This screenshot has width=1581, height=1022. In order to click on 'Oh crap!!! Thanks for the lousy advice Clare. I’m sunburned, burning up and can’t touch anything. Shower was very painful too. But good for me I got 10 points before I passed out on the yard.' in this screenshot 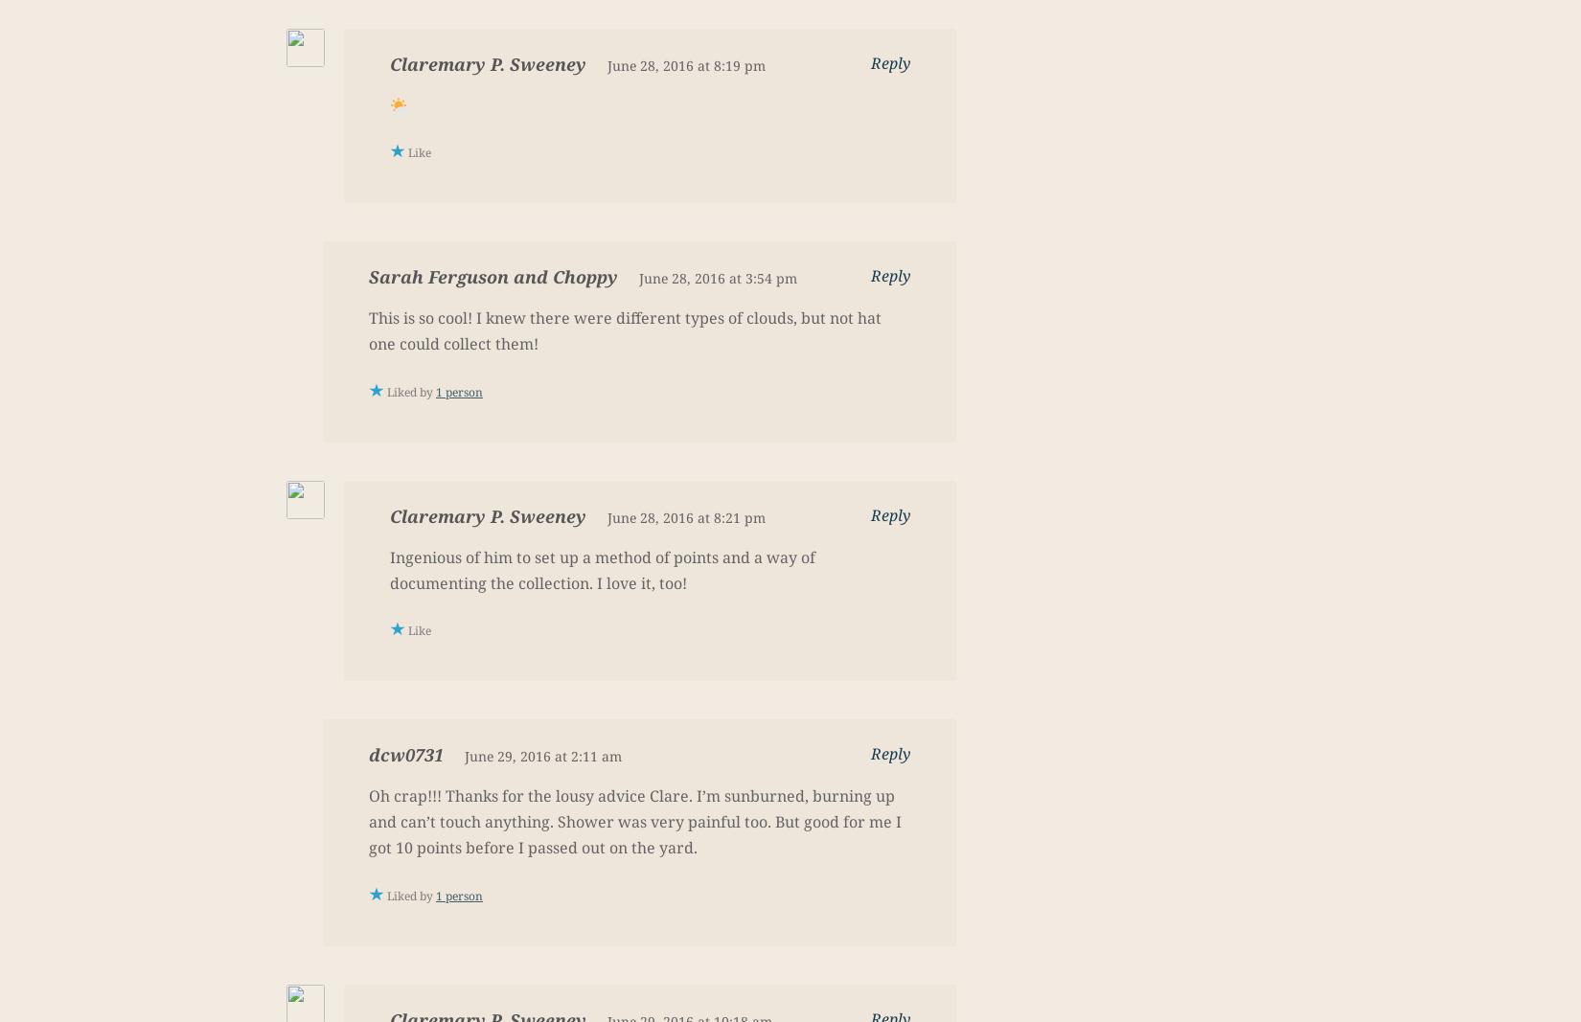, I will do `click(633, 820)`.